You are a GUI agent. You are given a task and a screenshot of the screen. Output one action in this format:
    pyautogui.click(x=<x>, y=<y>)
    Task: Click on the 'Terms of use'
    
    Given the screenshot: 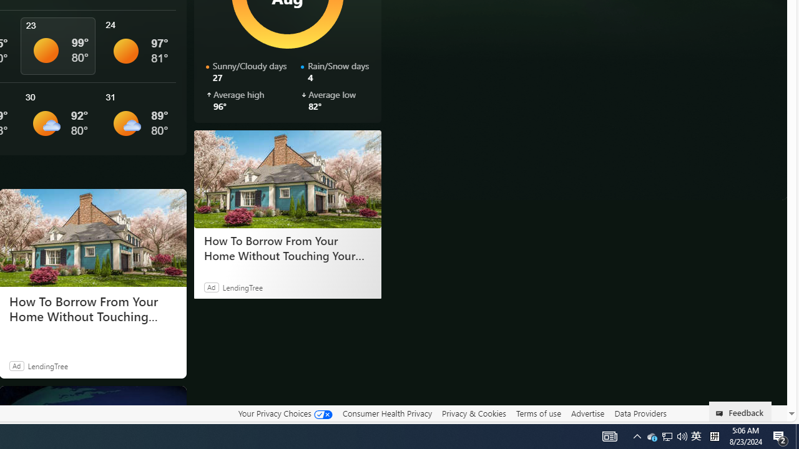 What is the action you would take?
    pyautogui.click(x=538, y=413)
    